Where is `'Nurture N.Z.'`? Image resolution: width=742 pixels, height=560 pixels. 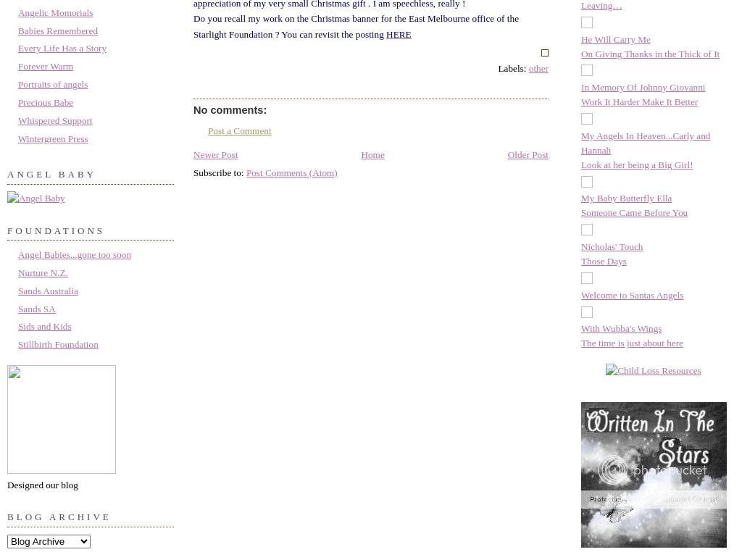 'Nurture N.Z.' is located at coordinates (41, 272).